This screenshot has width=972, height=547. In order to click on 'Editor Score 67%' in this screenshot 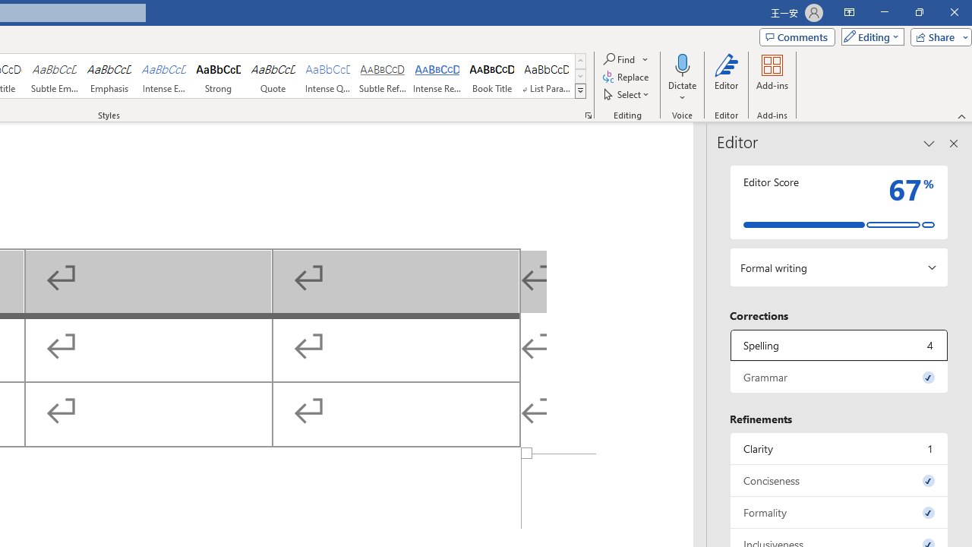, I will do `click(838, 201)`.